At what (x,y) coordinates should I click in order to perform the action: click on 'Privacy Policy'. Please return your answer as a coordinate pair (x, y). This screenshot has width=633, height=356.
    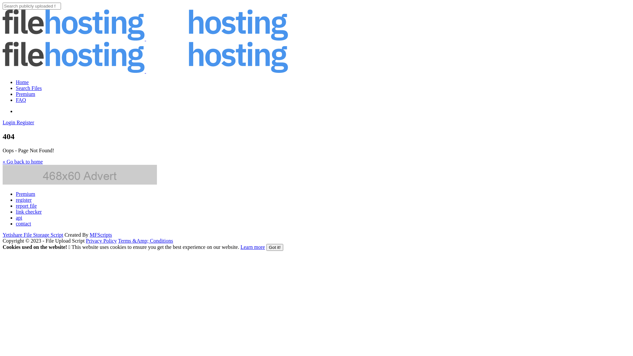
    Looking at the image, I should click on (101, 241).